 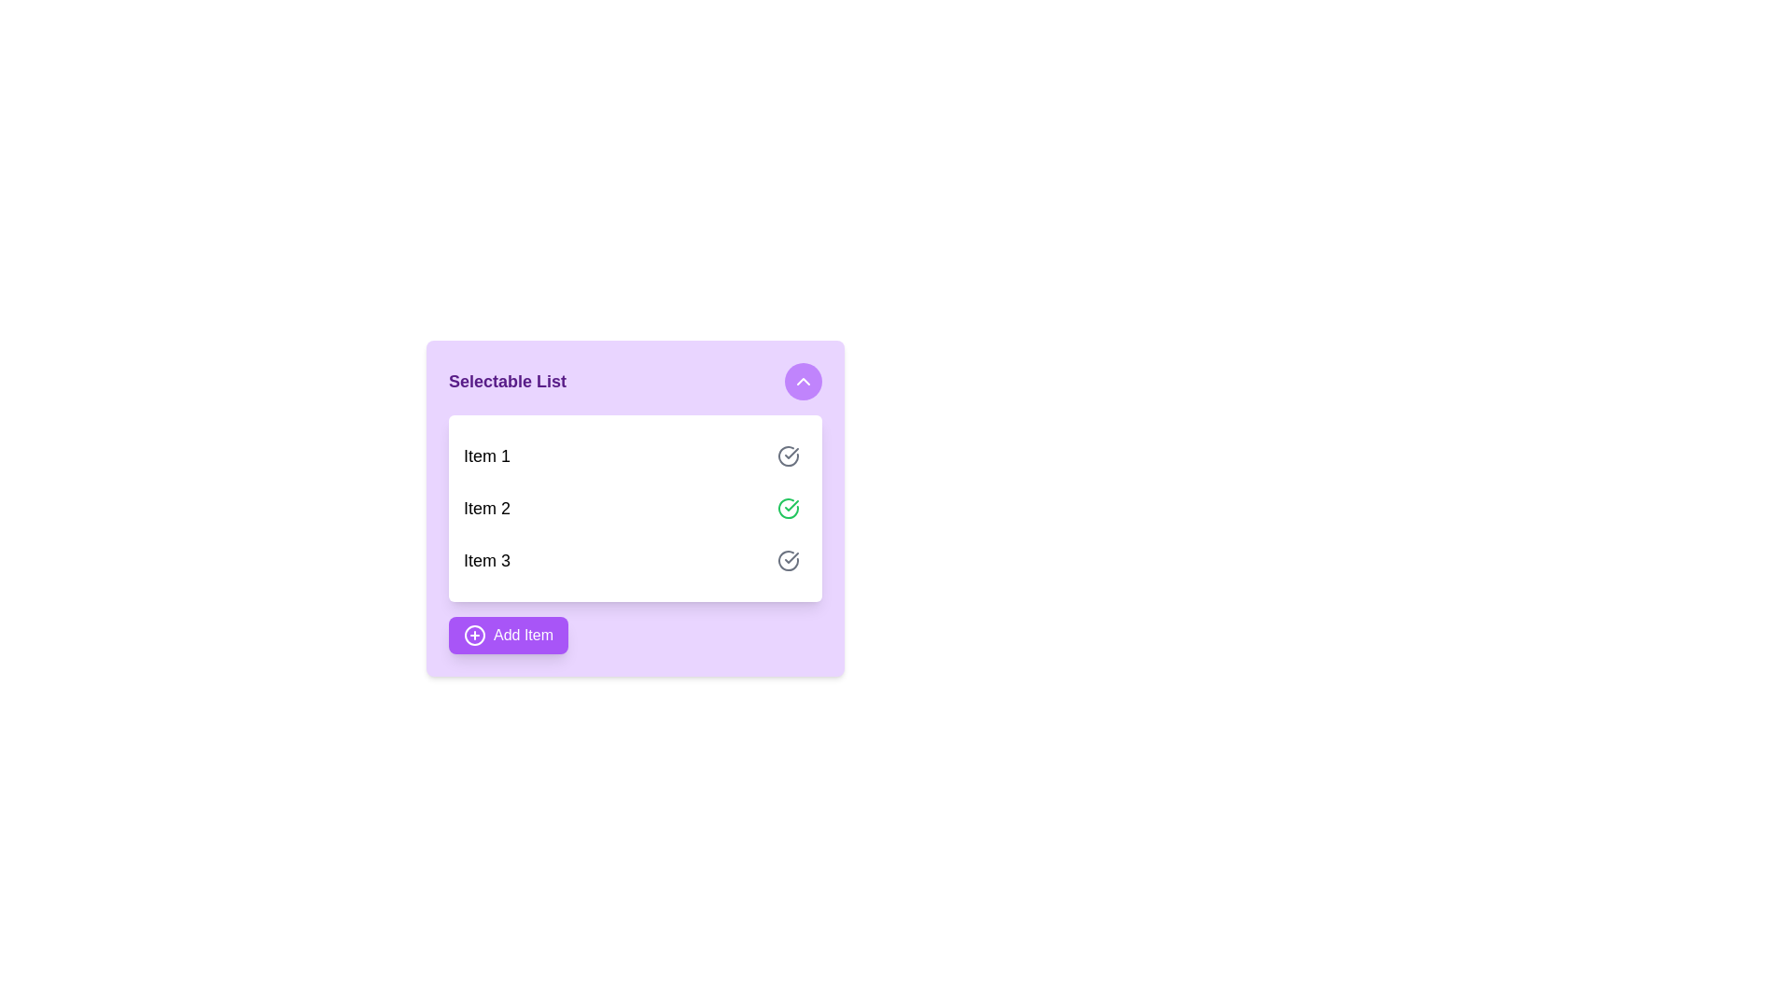 What do you see at coordinates (474, 635) in the screenshot?
I see `the circular icon with a plus sign representing the addition action, located to the left of the text 'Add Item' within the purple 'Add Item' button` at bounding box center [474, 635].